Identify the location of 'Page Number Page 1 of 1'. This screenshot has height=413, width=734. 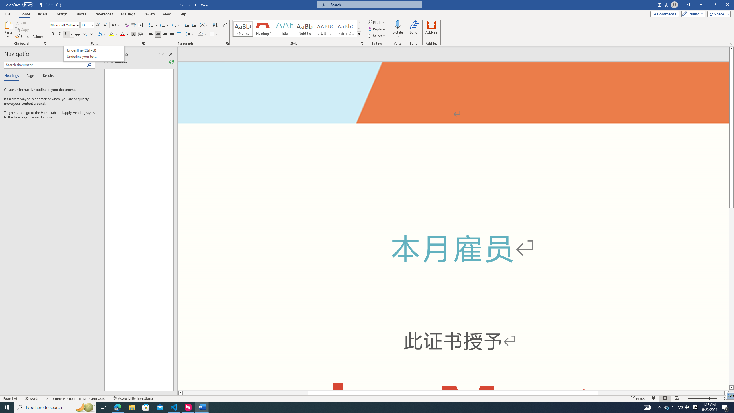
(11, 398).